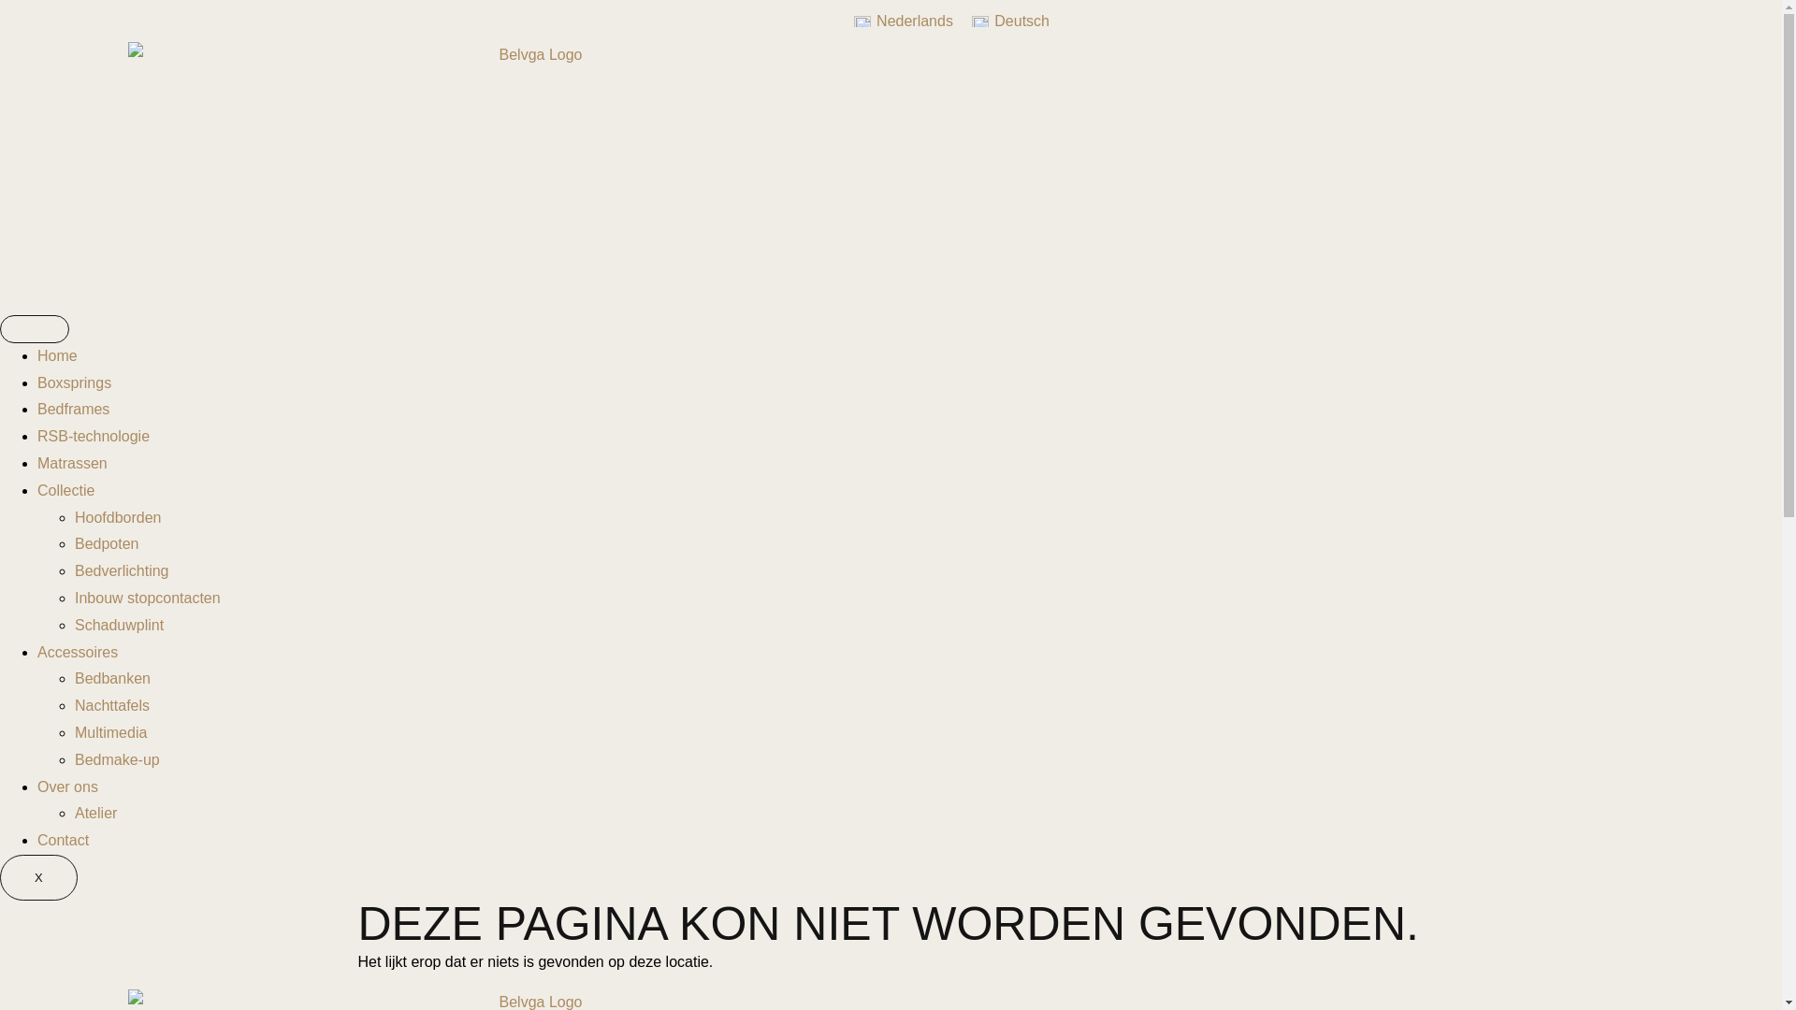 The height and width of the screenshot is (1010, 1796). What do you see at coordinates (73, 408) in the screenshot?
I see `'Bedframes'` at bounding box center [73, 408].